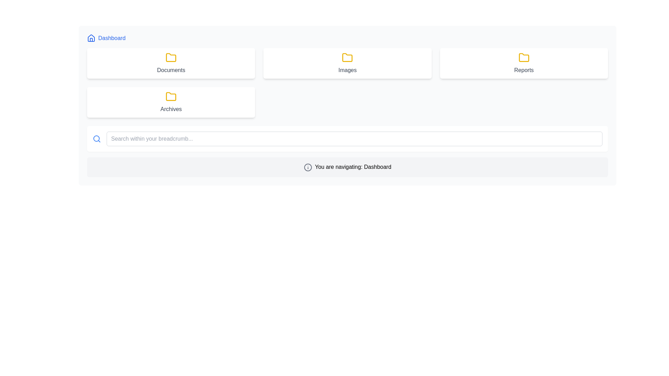 This screenshot has width=669, height=376. I want to click on the 'Reports' clickable card, which is a rectangular box with a white background, rounded corners, a yellow folder icon at the top center, and the word 'Reports' in gray font, so click(524, 63).